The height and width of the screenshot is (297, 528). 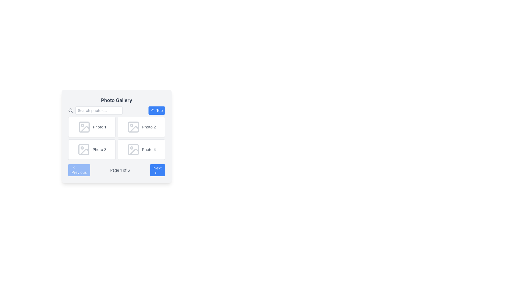 What do you see at coordinates (134, 129) in the screenshot?
I see `the decorative icon representing the photo placeholder for 'Photo 2' located at the bottom-right of the second card in the 2x2 grid of the 'Photo Gallery' section` at bounding box center [134, 129].